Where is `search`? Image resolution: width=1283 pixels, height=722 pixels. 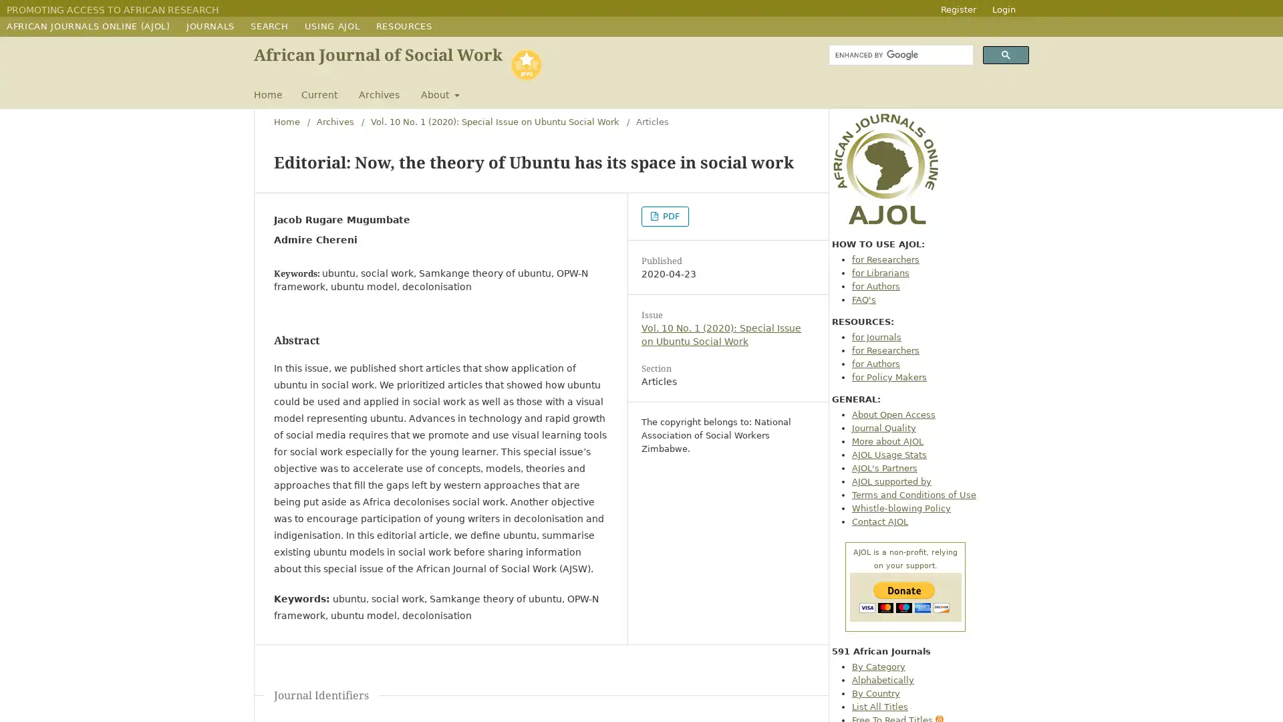
search is located at coordinates (1006, 54).